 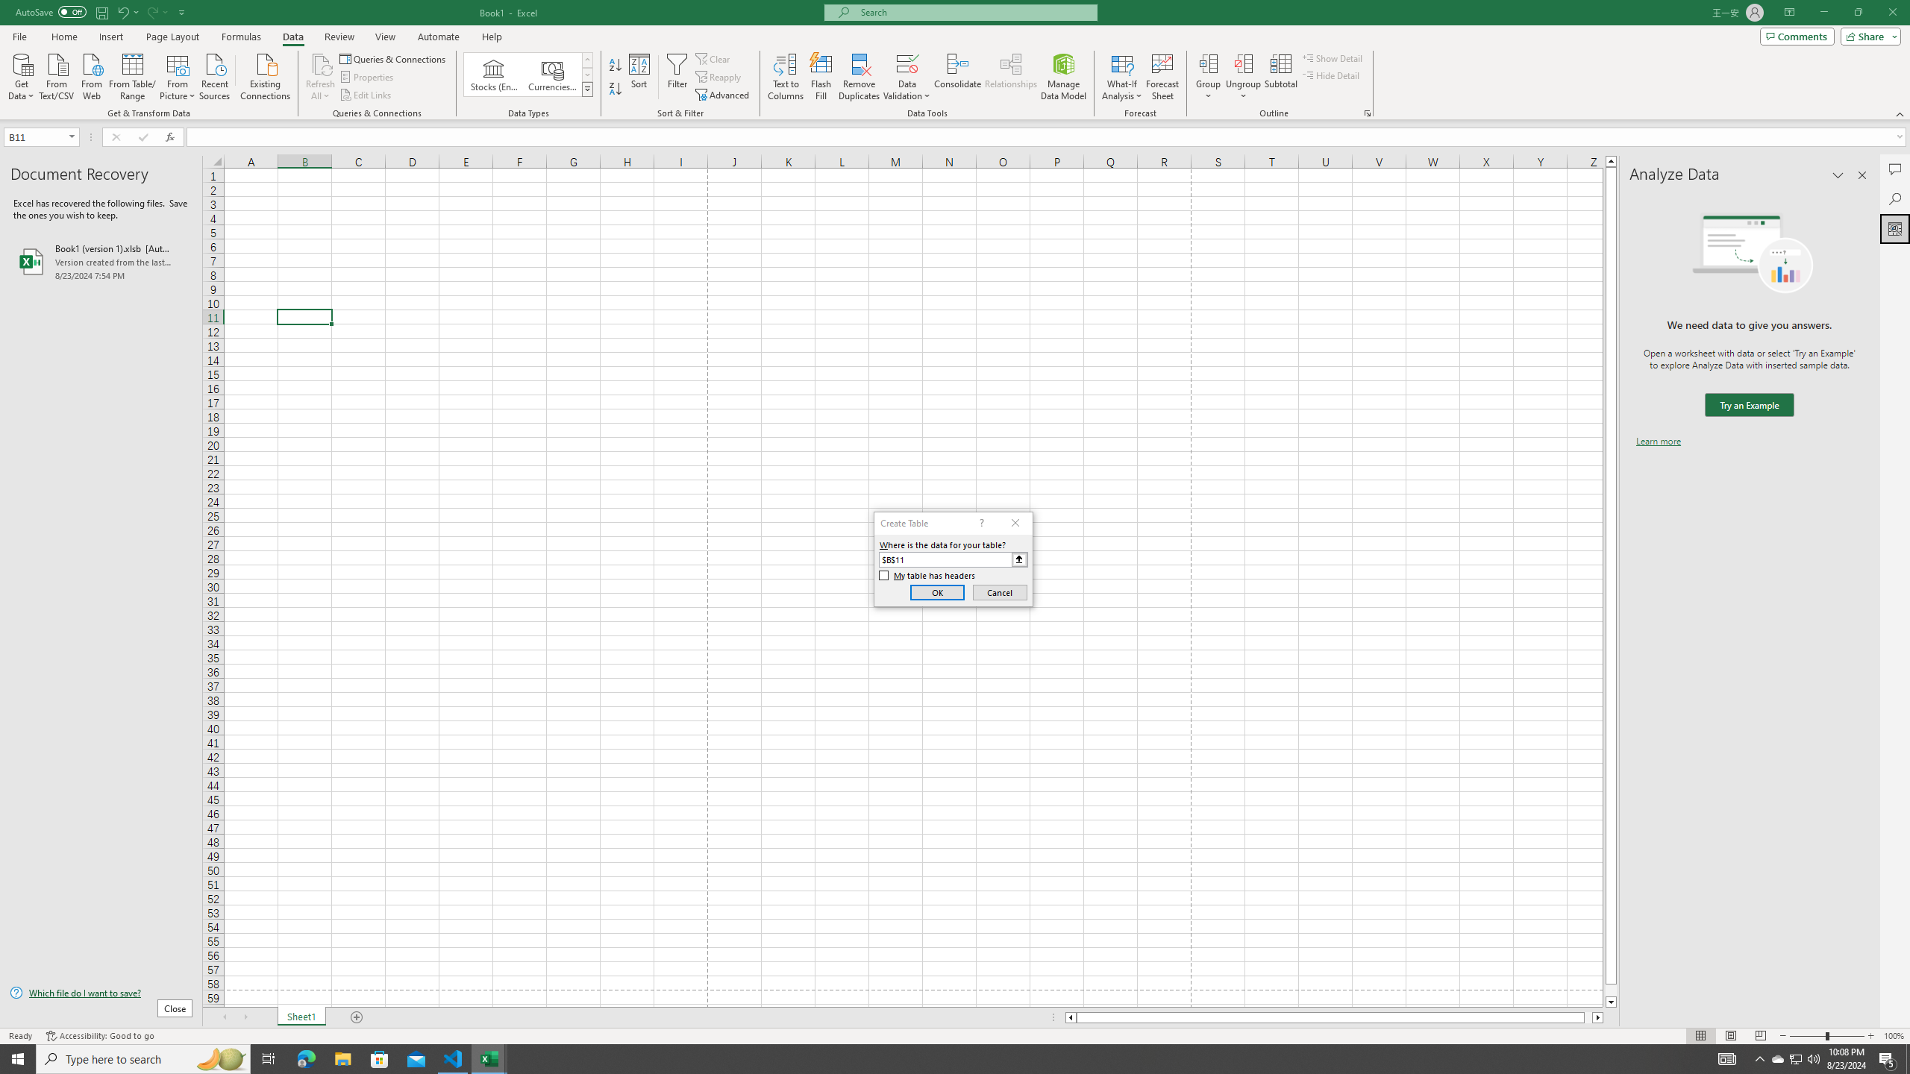 I want to click on 'Filter', so click(x=676, y=77).